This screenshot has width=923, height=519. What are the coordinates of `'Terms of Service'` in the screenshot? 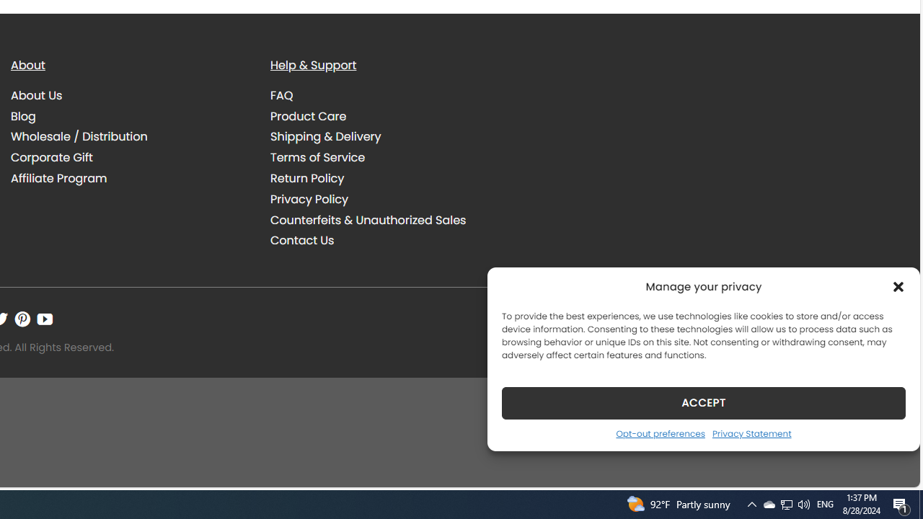 It's located at (389, 157).